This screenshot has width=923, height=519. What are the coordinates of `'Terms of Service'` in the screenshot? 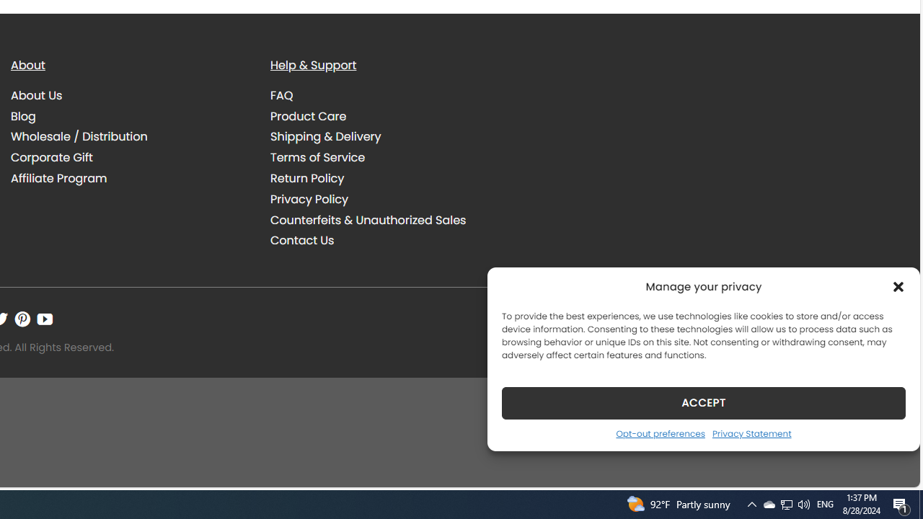 It's located at (389, 157).